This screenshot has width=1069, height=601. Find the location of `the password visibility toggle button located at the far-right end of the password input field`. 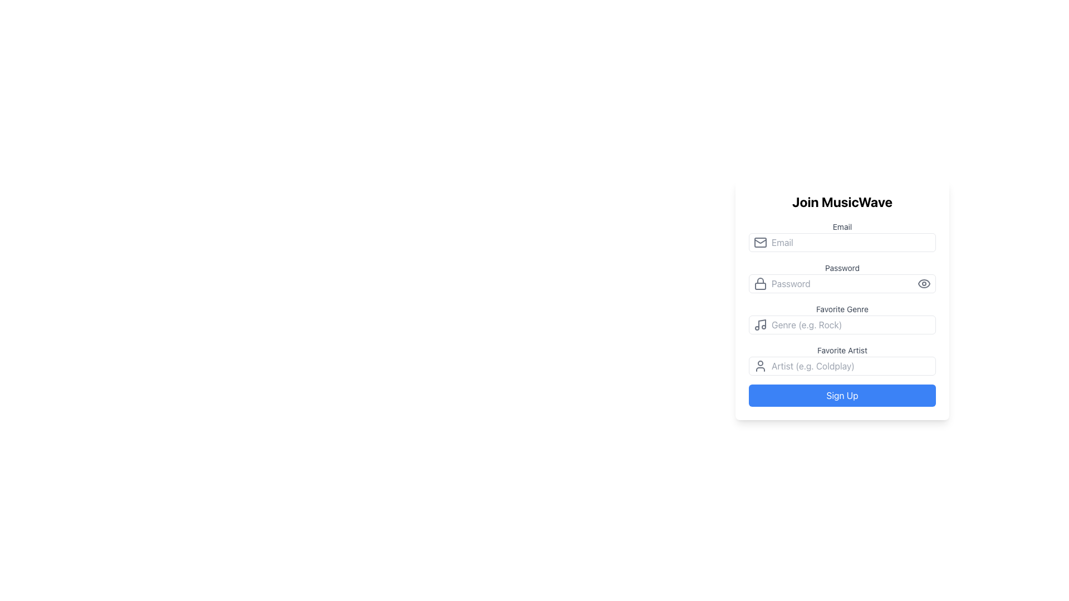

the password visibility toggle button located at the far-right end of the password input field is located at coordinates (924, 283).